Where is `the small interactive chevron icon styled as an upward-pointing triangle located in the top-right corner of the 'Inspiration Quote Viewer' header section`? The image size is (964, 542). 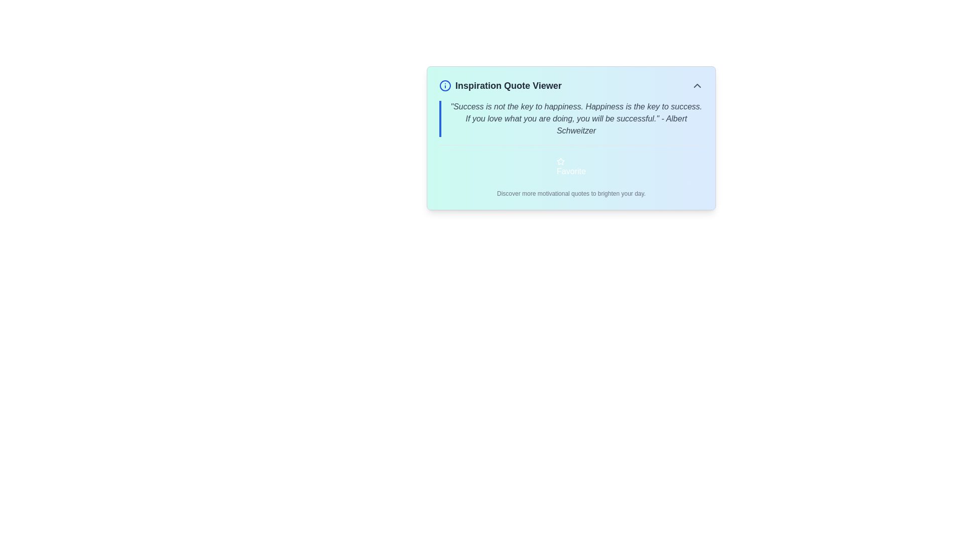 the small interactive chevron icon styled as an upward-pointing triangle located in the top-right corner of the 'Inspiration Quote Viewer' header section is located at coordinates (696, 85).